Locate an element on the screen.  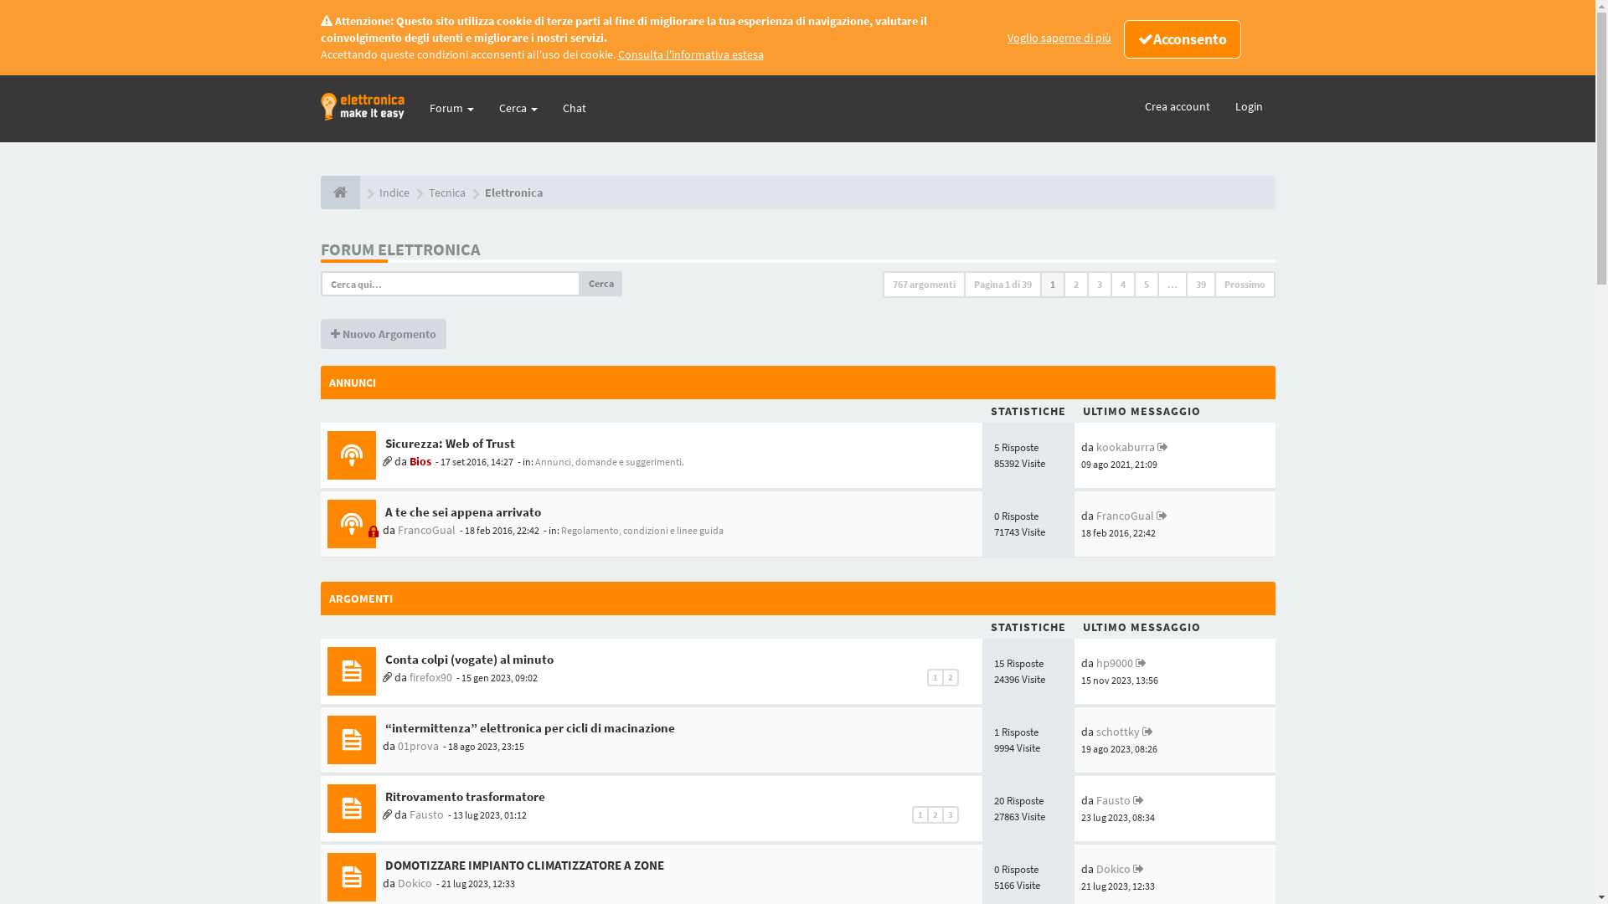
'firefox90' is located at coordinates (430, 676).